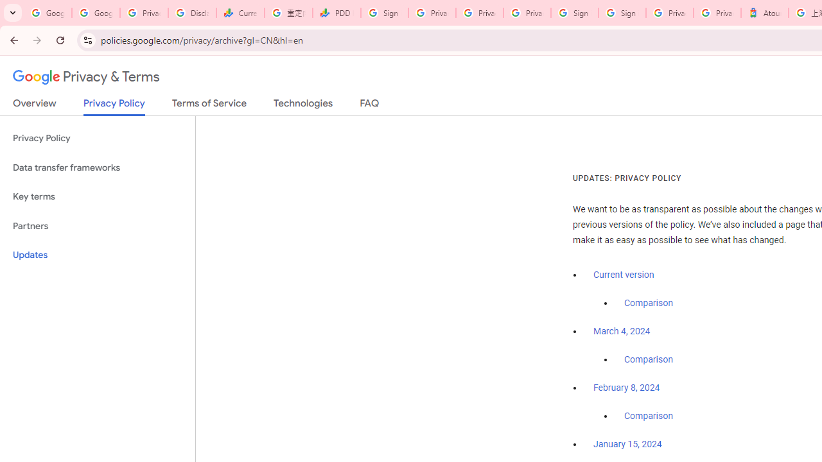 This screenshot has height=462, width=822. Describe the element at coordinates (48, 13) in the screenshot. I see `'Google Workspace Admin Community'` at that location.